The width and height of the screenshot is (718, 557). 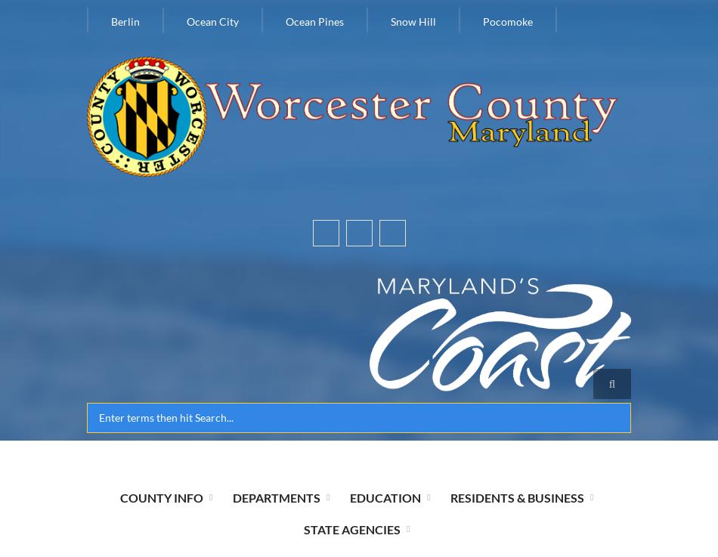 What do you see at coordinates (413, 20) in the screenshot?
I see `'Snow Hill'` at bounding box center [413, 20].